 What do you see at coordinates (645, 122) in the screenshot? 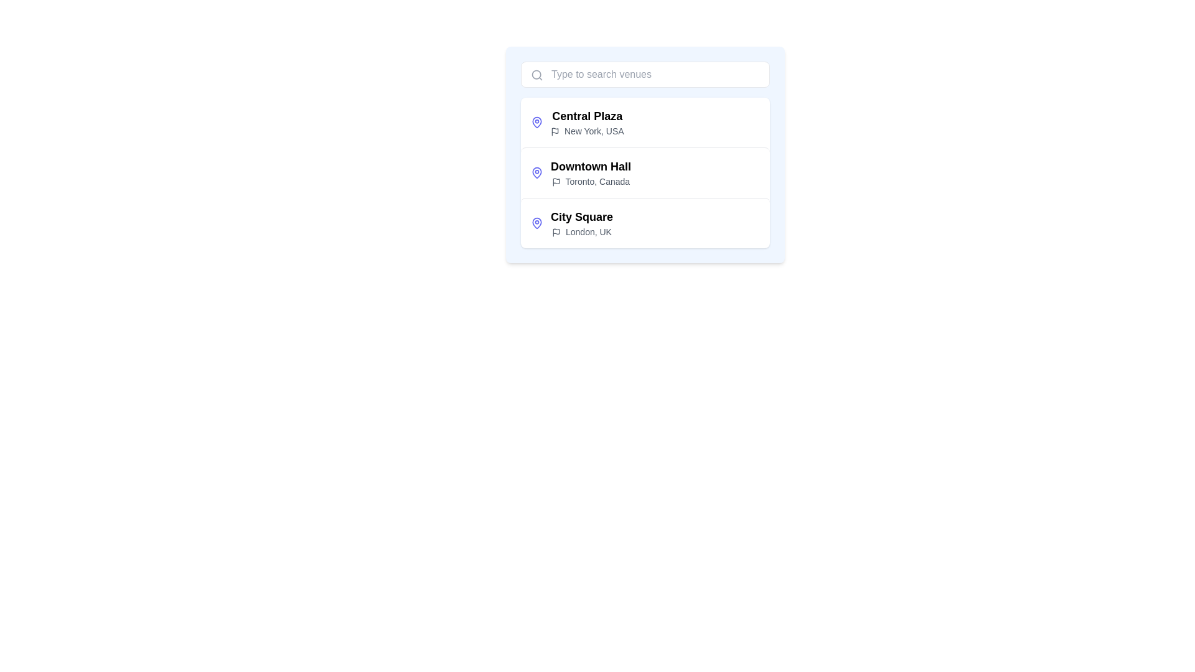
I see `the first list item labeled 'Central Plaza'` at bounding box center [645, 122].